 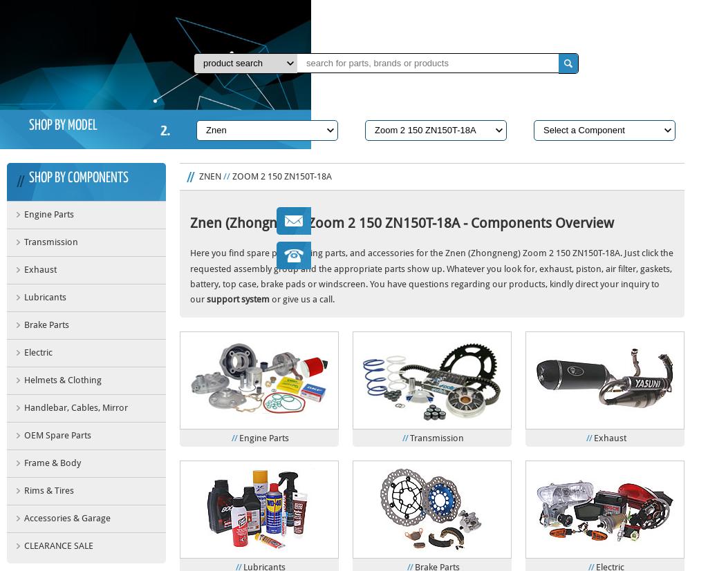 I want to click on 'Frame & Body', so click(x=51, y=462).